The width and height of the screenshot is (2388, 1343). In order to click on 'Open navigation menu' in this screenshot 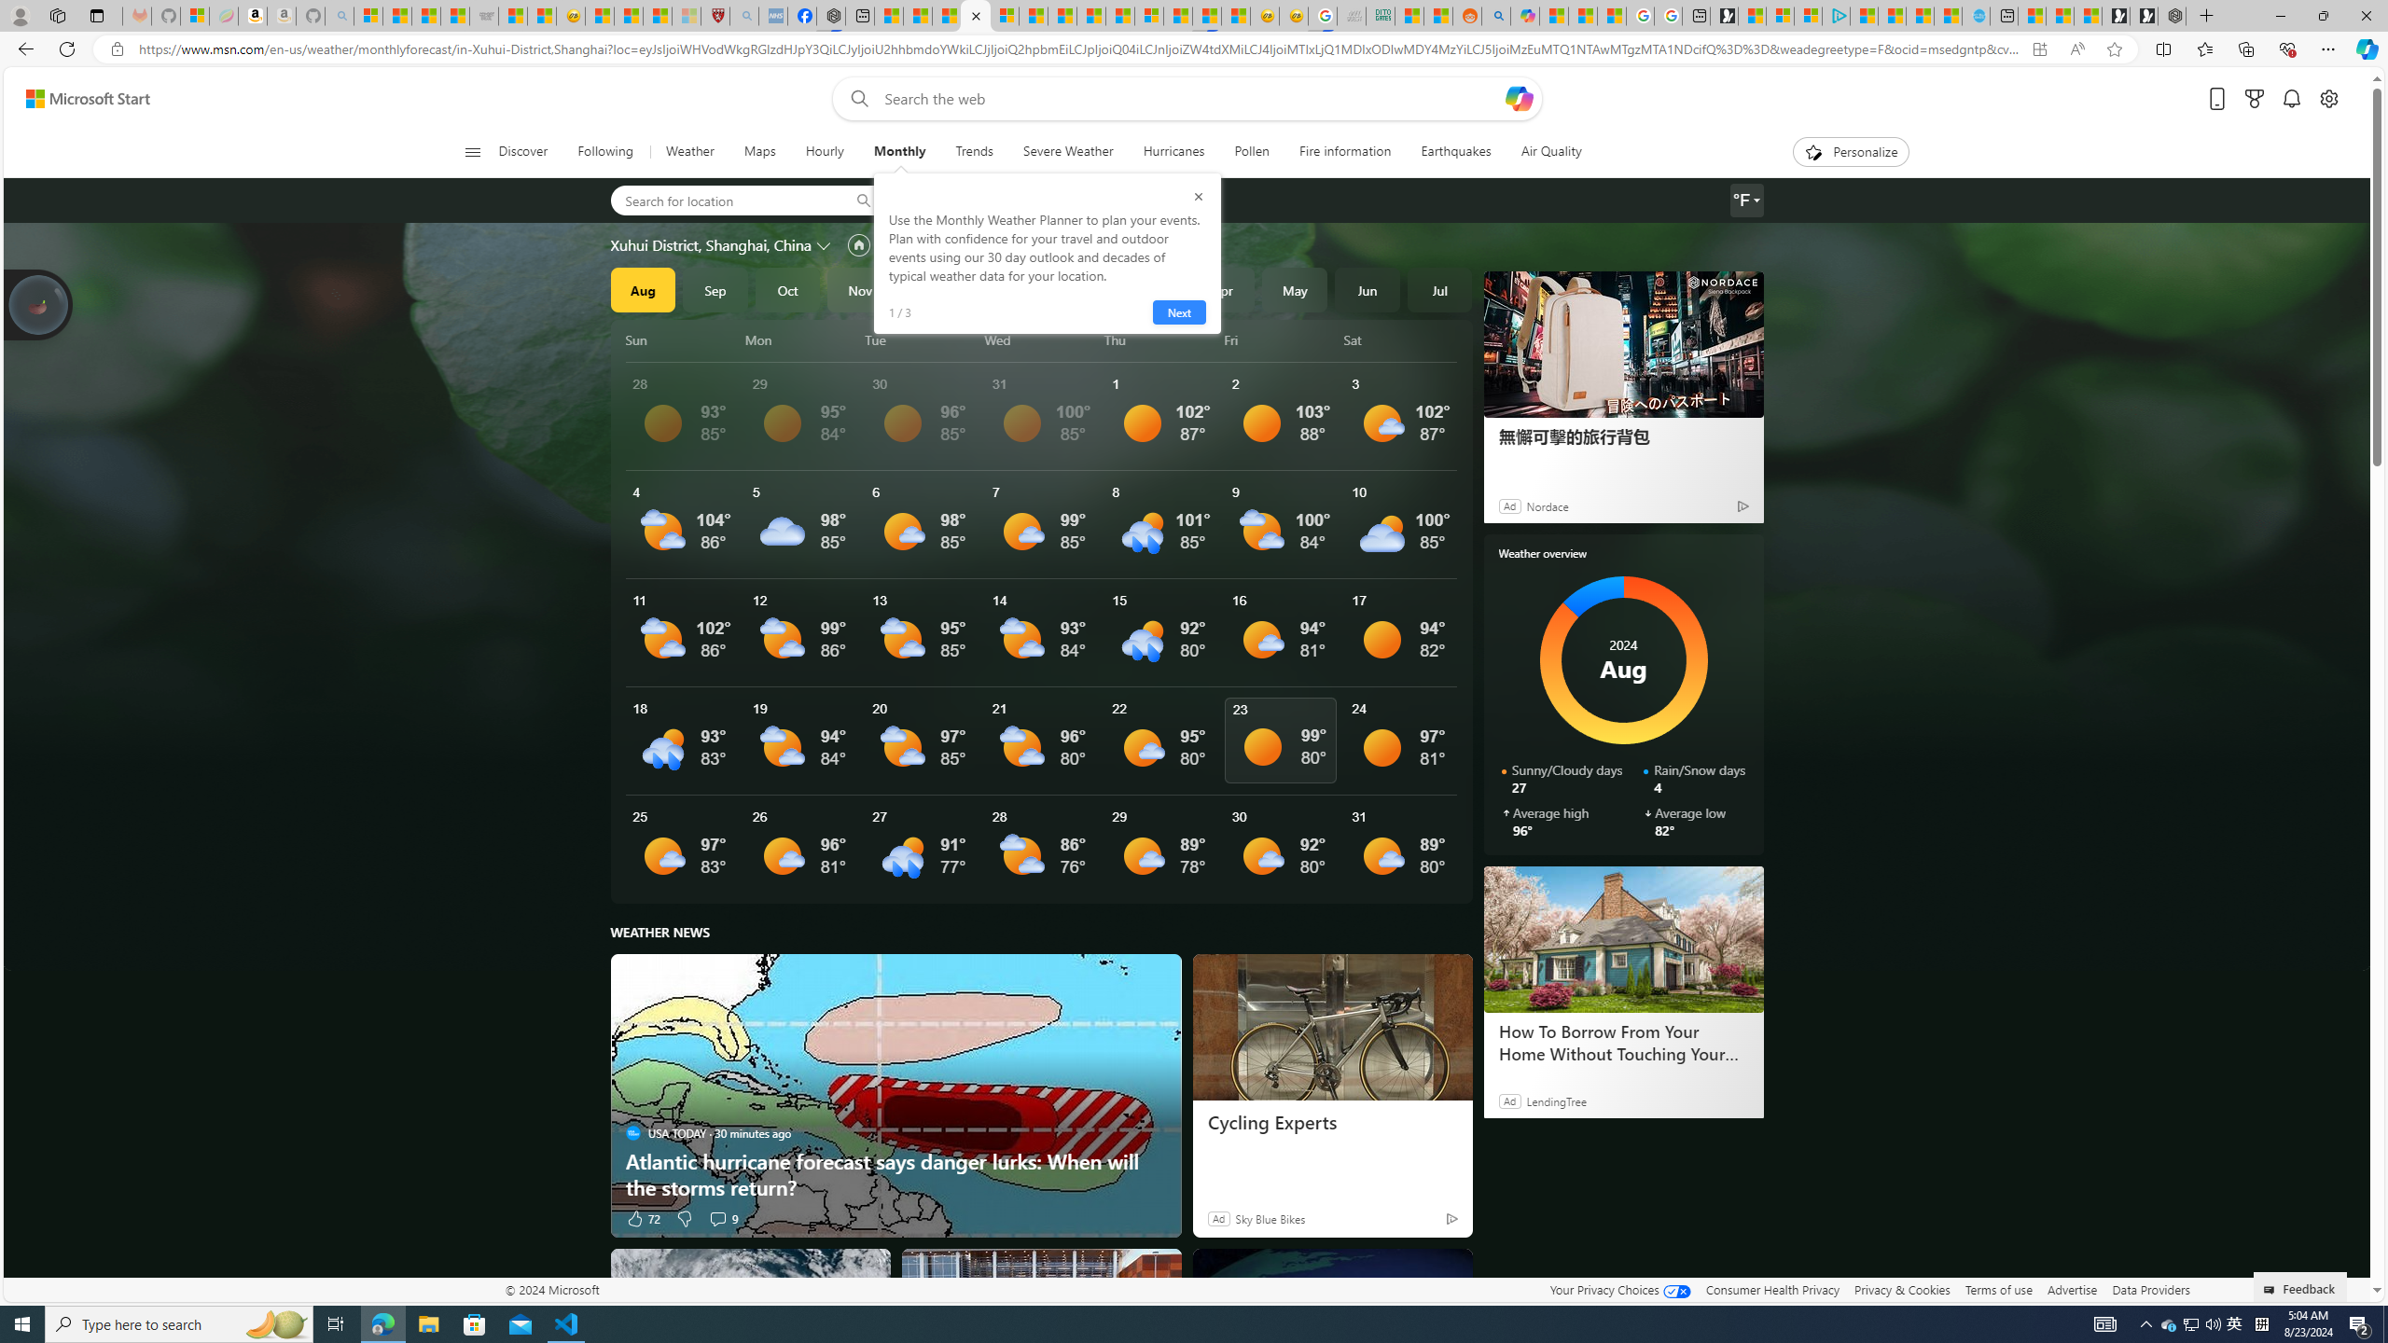, I will do `click(471, 150)`.